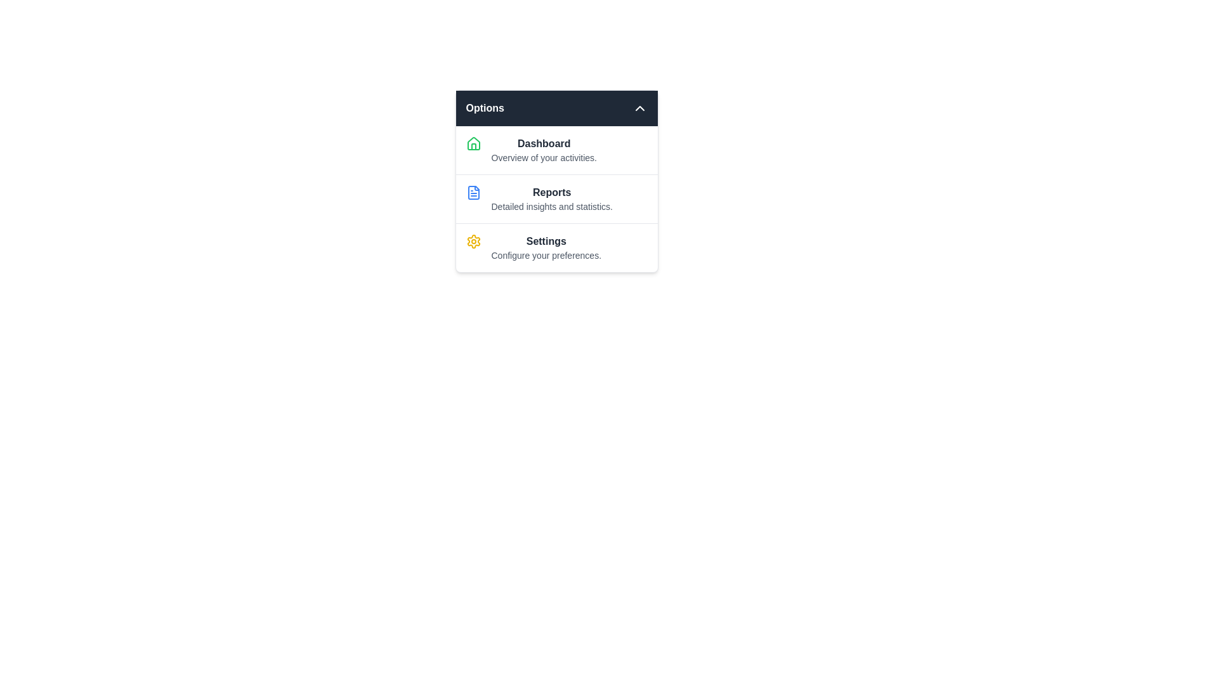 This screenshot has height=685, width=1218. I want to click on the Icon button with an upward-facing arrow on the topmost 'Options' bar, so click(639, 107).